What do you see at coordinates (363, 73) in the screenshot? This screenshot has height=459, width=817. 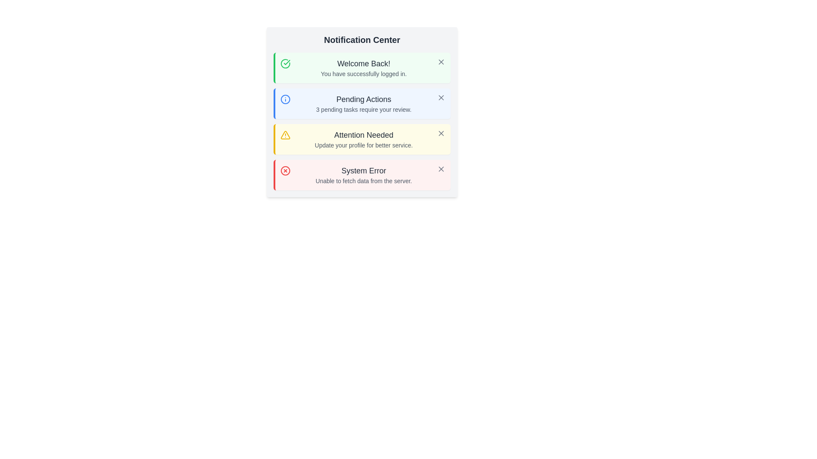 I see `the static text that indicates a successful login event, which is positioned under the 'Welcome Back!' header in the green notification panel` at bounding box center [363, 73].